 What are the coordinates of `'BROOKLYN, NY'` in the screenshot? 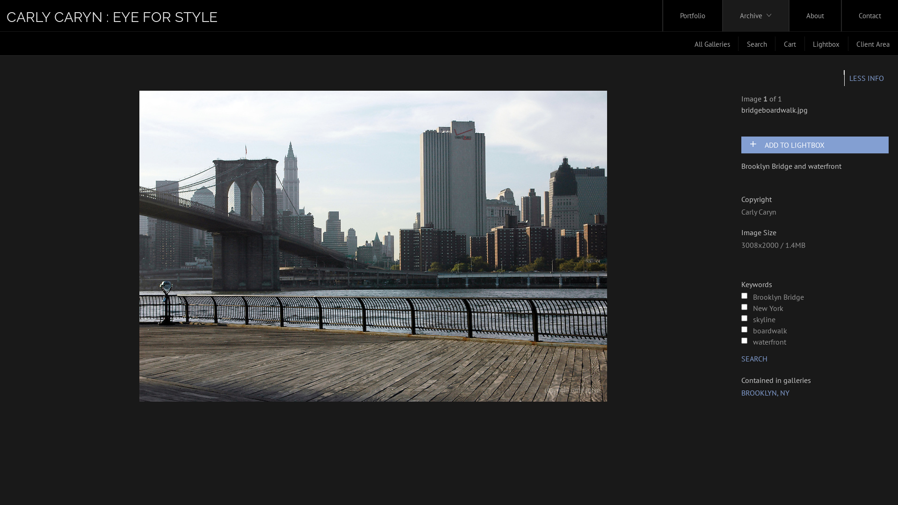 It's located at (765, 393).